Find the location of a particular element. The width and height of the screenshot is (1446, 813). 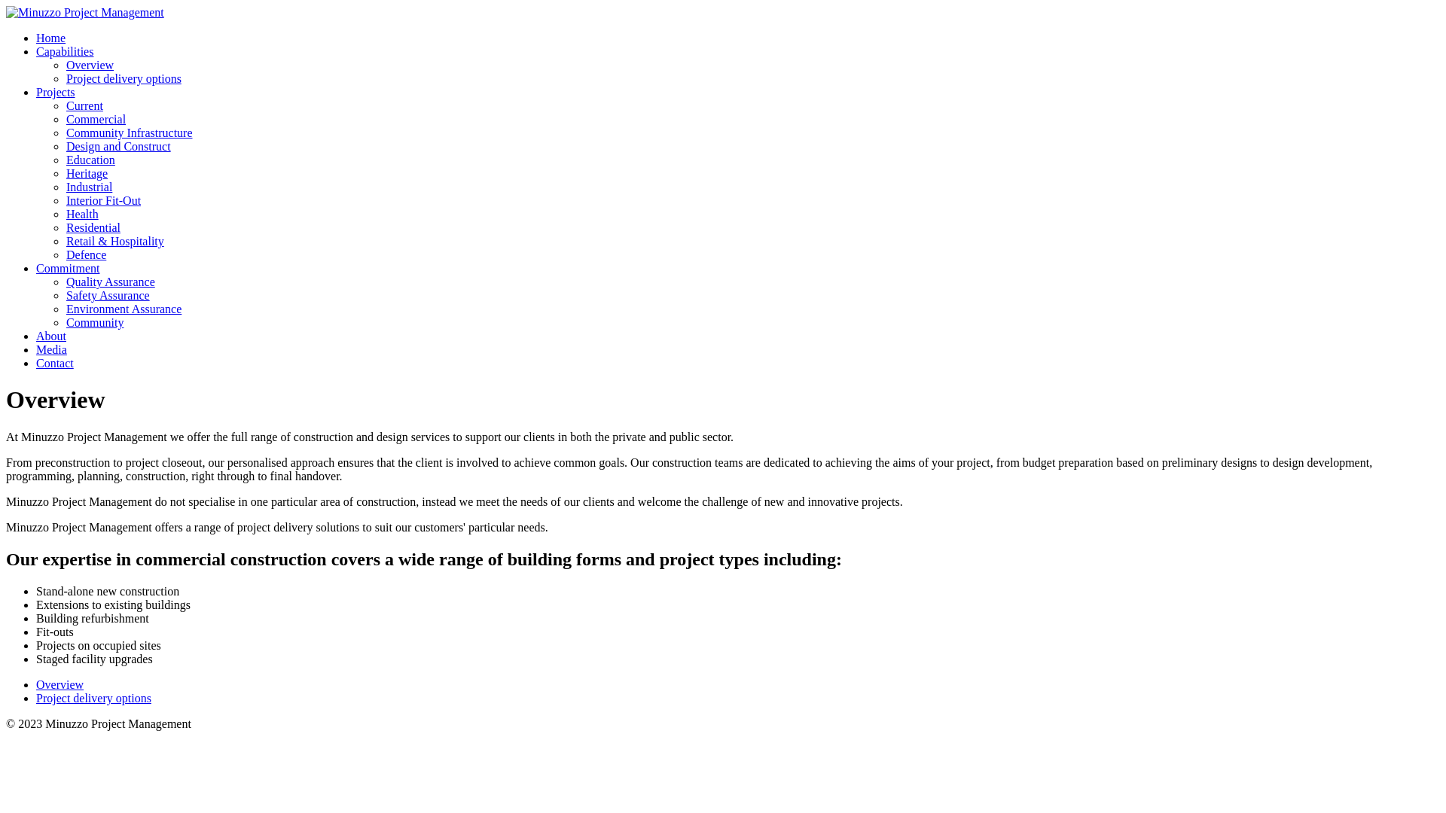

'Quality Assurance' is located at coordinates (110, 282).